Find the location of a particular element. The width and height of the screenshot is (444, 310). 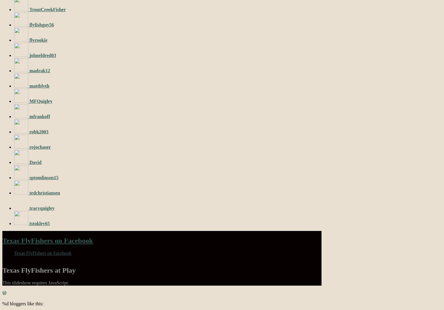

'mattblyth' is located at coordinates (29, 86).